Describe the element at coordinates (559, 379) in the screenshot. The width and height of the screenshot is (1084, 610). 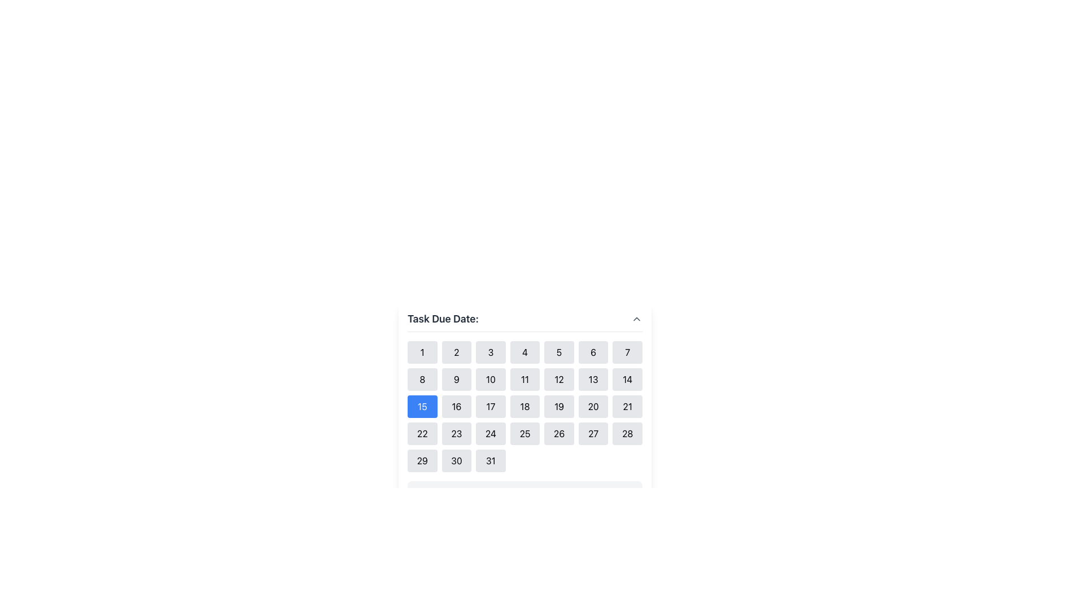
I see `the small rectangular button with a light gray background and the number '12' centered in black text` at that location.